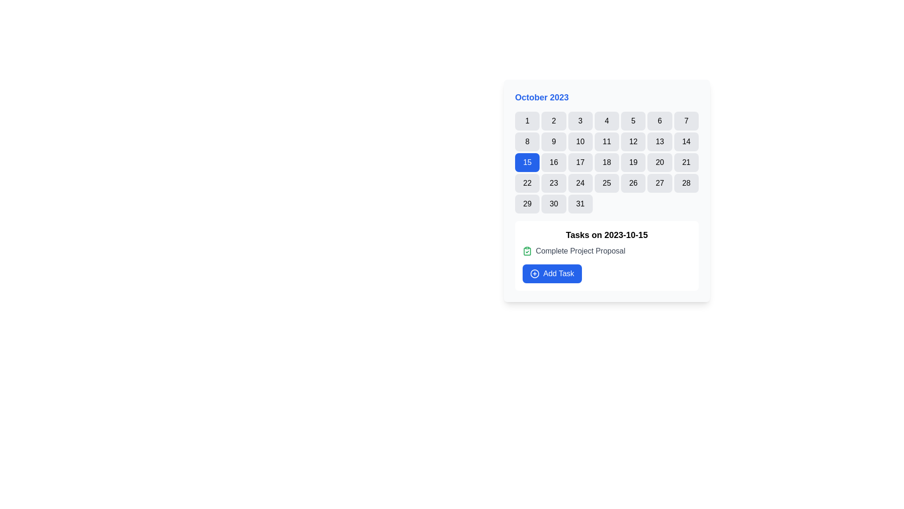 This screenshot has width=904, height=509. What do you see at coordinates (527, 141) in the screenshot?
I see `the calendar day button displaying the number '8'` at bounding box center [527, 141].